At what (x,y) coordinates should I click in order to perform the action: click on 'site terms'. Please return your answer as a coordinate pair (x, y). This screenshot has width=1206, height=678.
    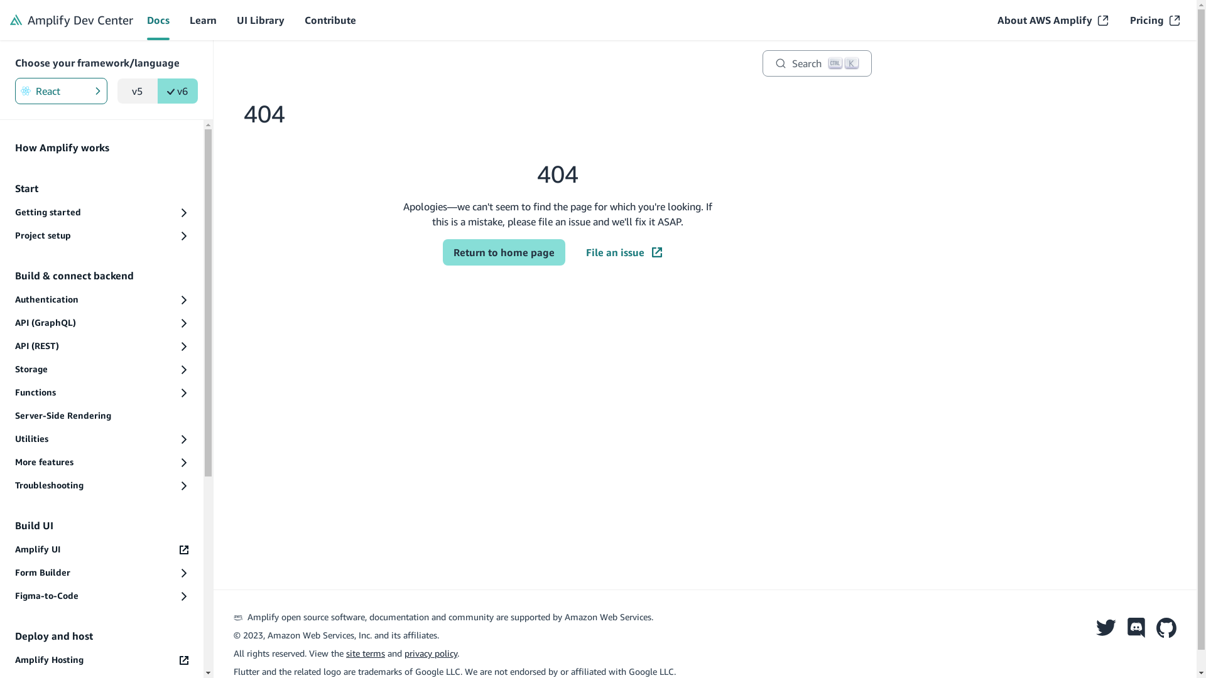
    Looking at the image, I should click on (364, 652).